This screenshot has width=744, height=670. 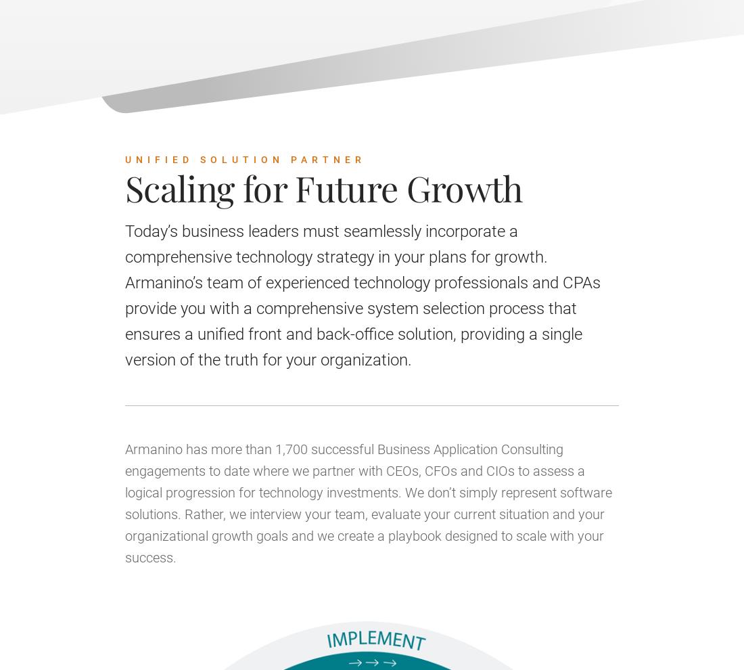 I want to click on 'October 26, 2023 | 04:00 PM - 05:00 PM UTC', so click(x=577, y=280).